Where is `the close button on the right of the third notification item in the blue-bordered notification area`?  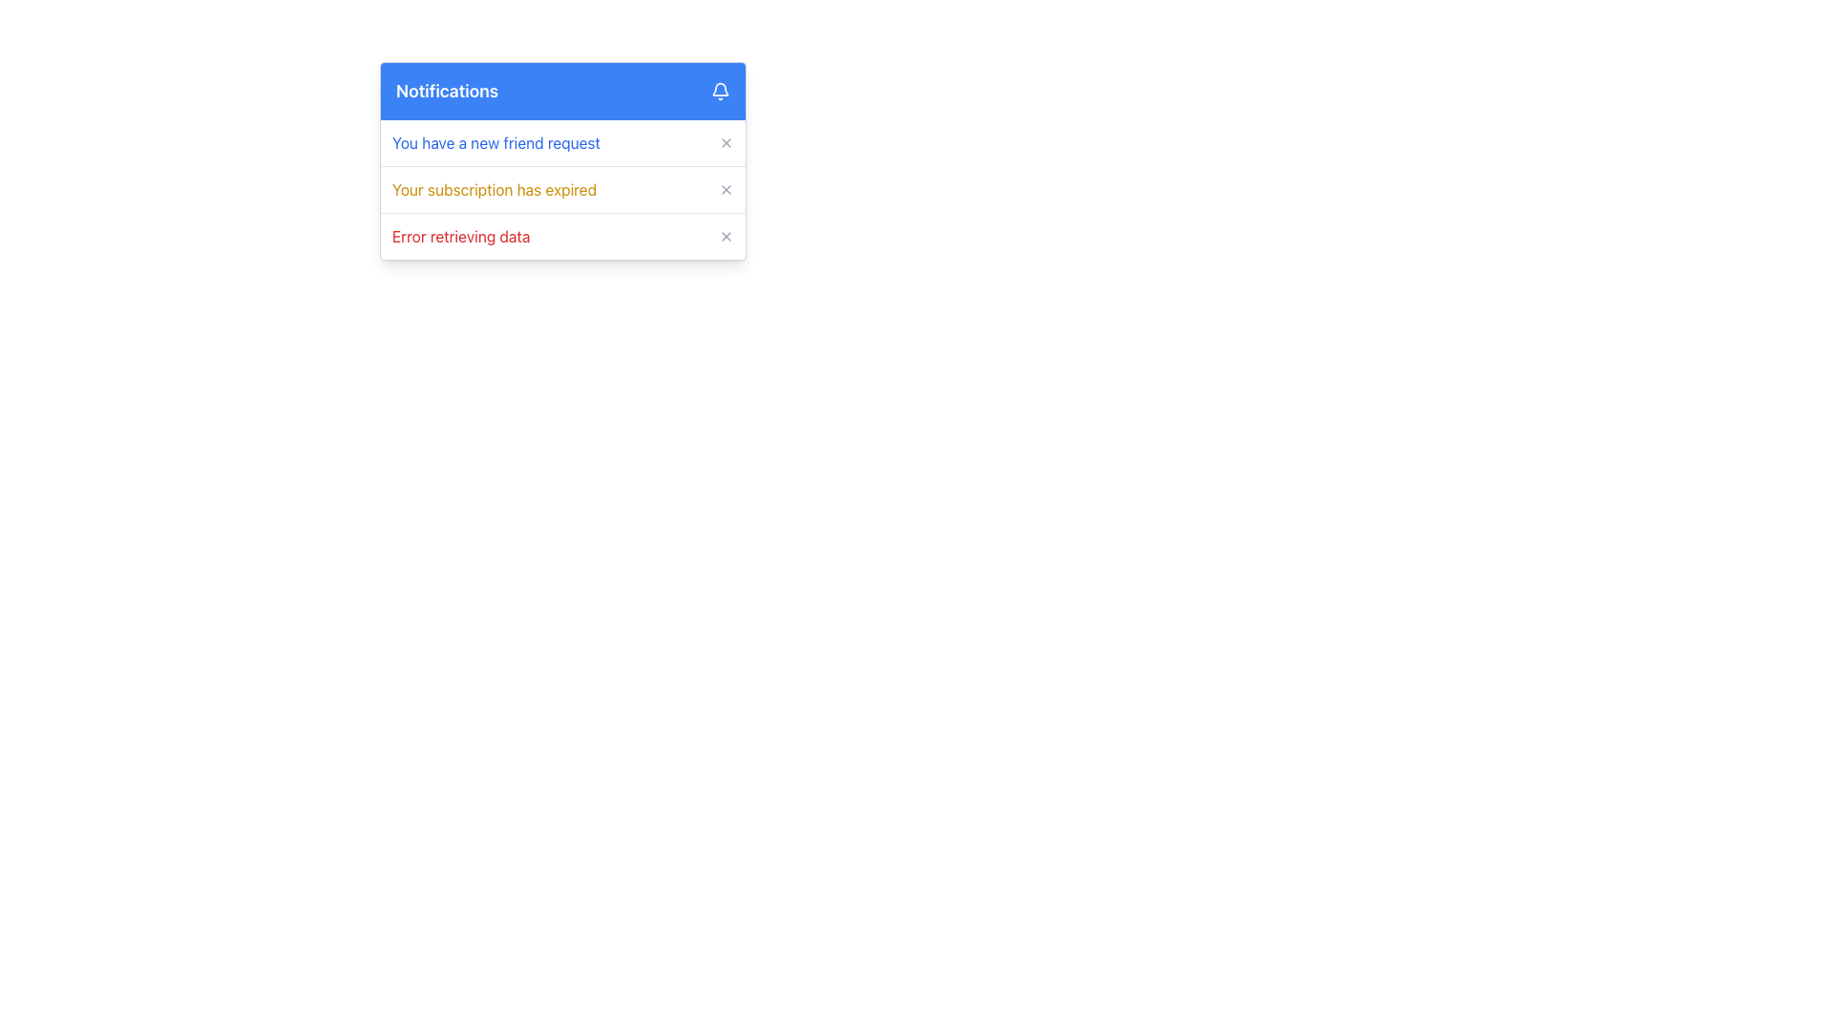
the close button on the right of the third notification item in the blue-bordered notification area is located at coordinates (562, 235).